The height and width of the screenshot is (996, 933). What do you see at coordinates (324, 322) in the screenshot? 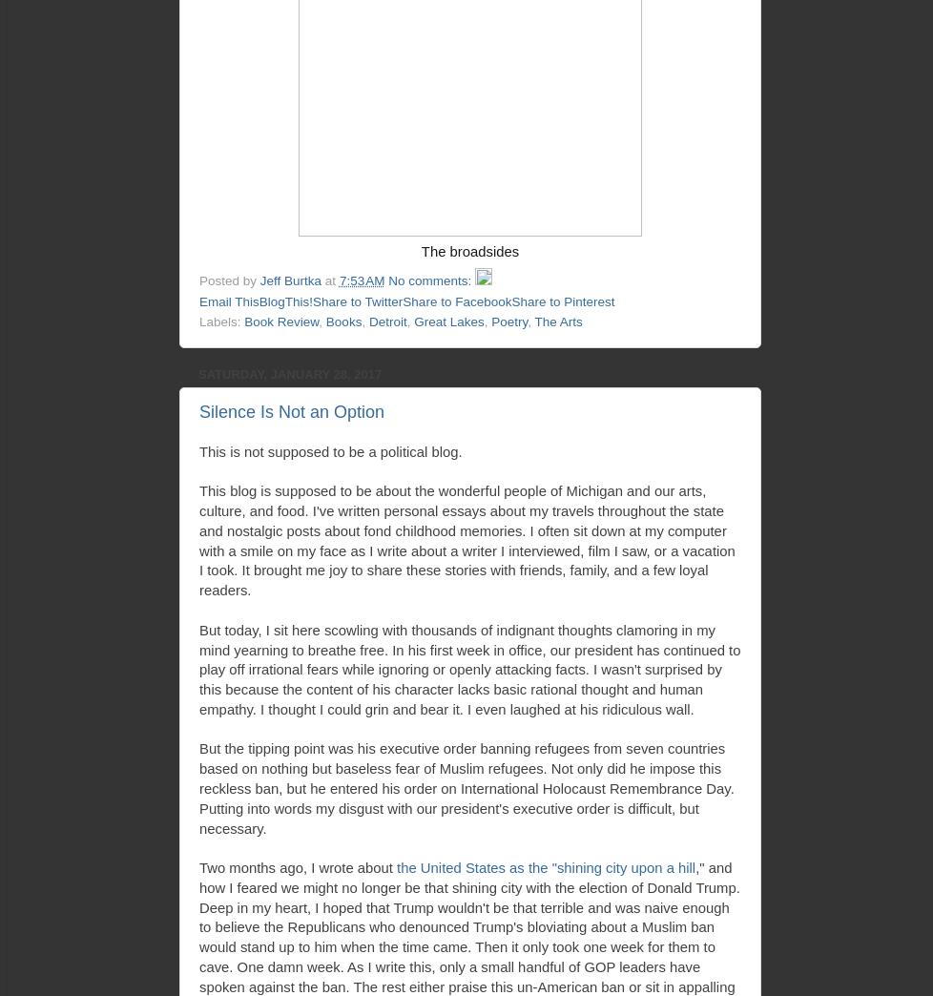
I see `'Books'` at bounding box center [324, 322].